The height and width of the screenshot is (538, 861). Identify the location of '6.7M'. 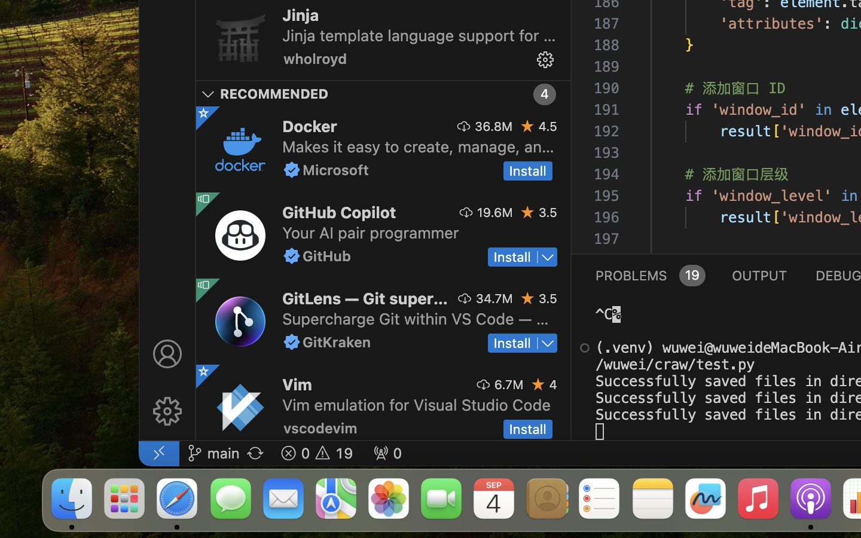
(508, 384).